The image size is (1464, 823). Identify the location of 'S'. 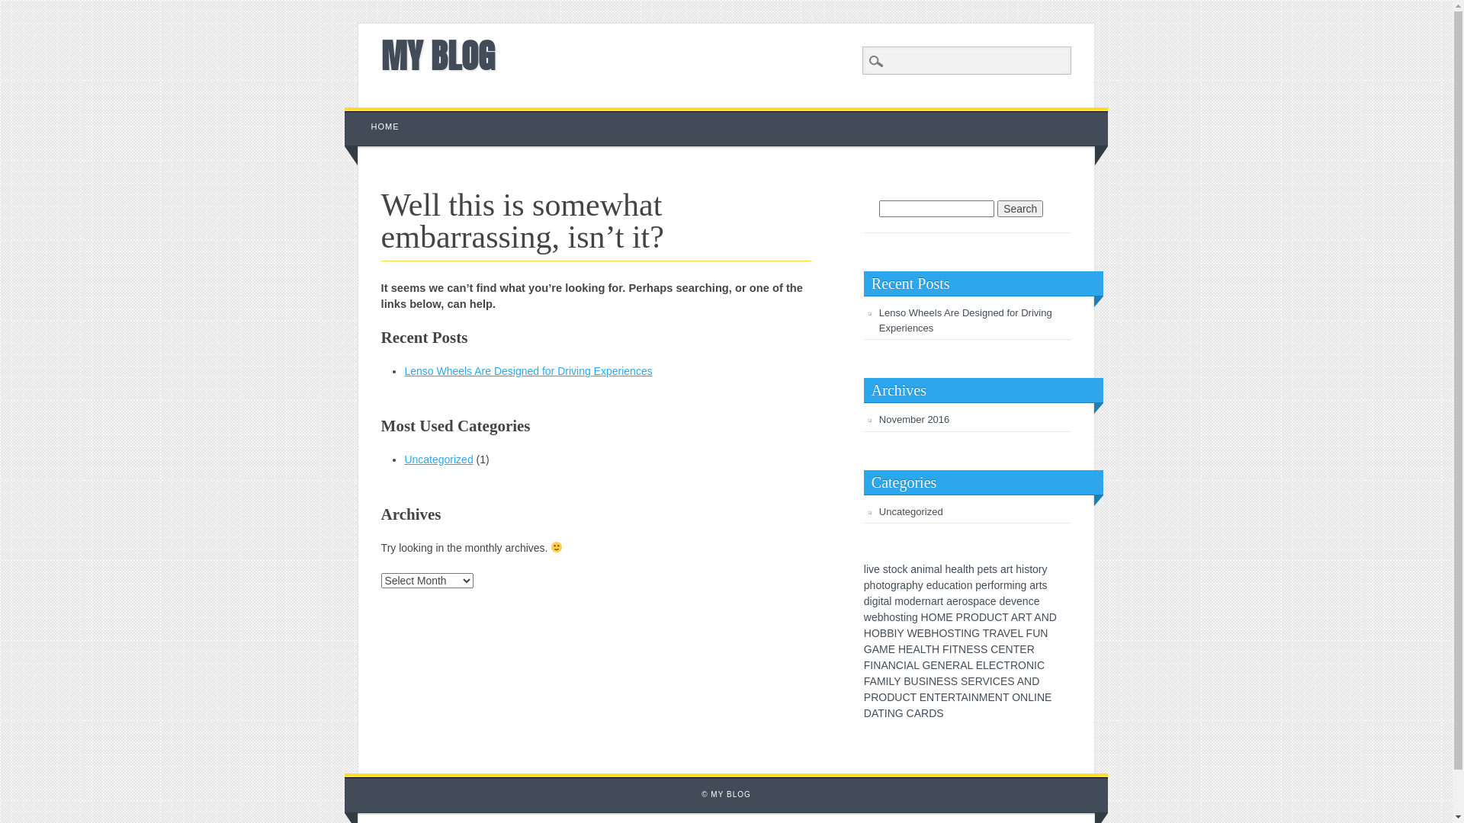
(977, 649).